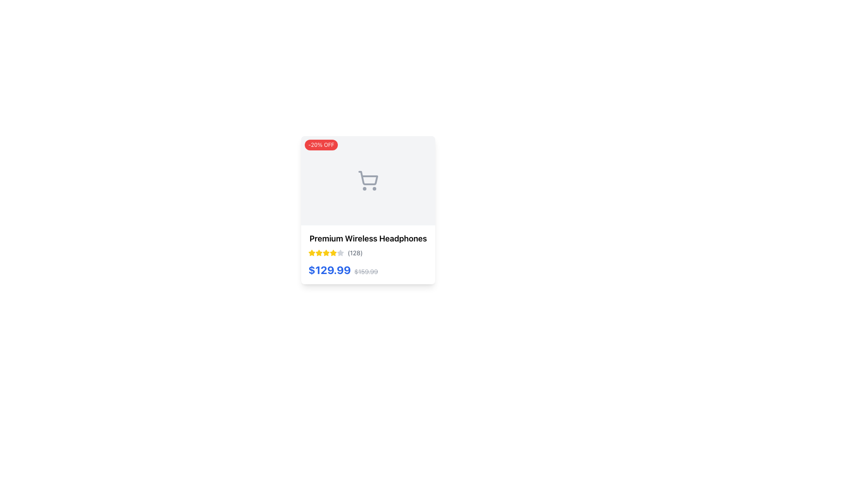  What do you see at coordinates (340, 253) in the screenshot?
I see `the sixth gray star icon in the rating bar` at bounding box center [340, 253].